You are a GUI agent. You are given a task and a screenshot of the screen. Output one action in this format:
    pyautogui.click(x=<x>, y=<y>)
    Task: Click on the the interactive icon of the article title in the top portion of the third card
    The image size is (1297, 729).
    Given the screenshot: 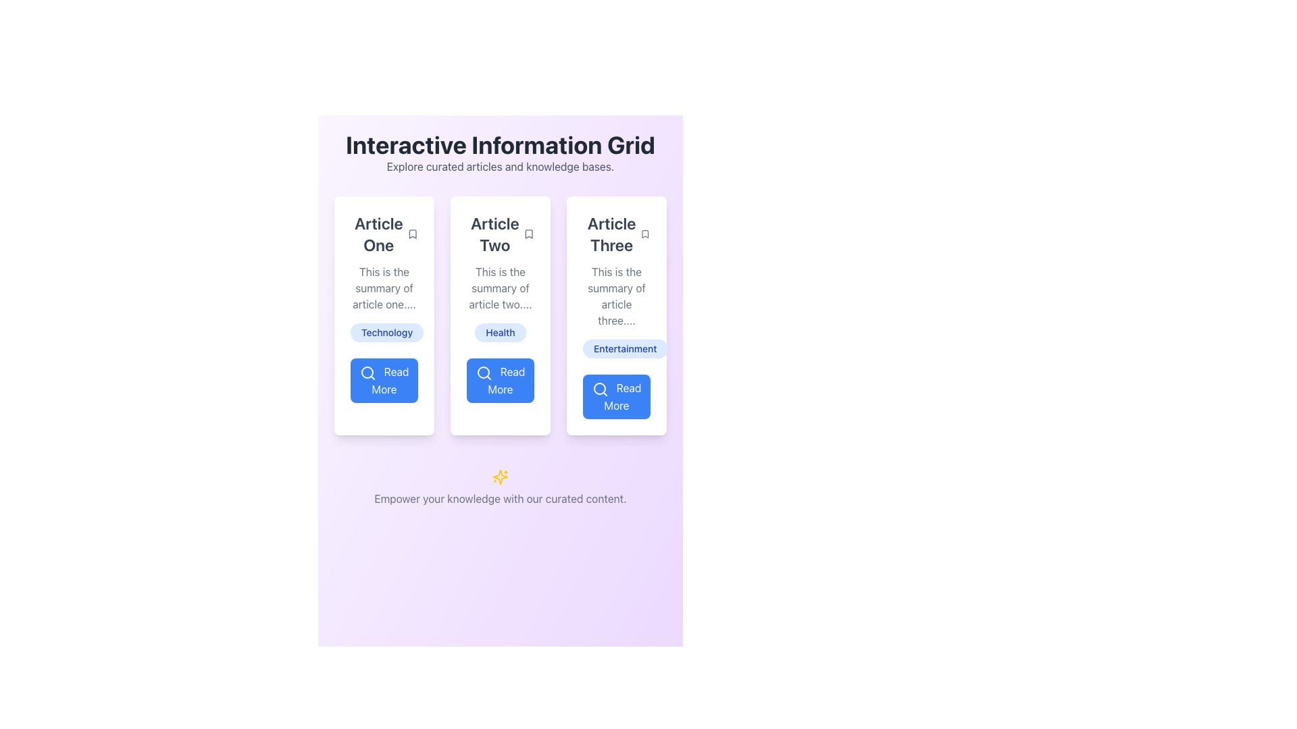 What is the action you would take?
    pyautogui.click(x=615, y=234)
    